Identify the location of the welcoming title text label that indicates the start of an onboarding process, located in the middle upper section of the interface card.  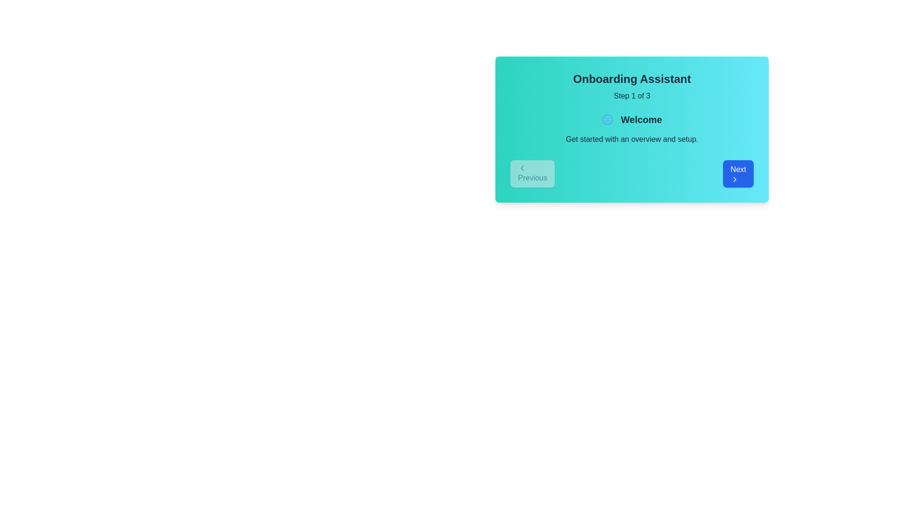
(641, 119).